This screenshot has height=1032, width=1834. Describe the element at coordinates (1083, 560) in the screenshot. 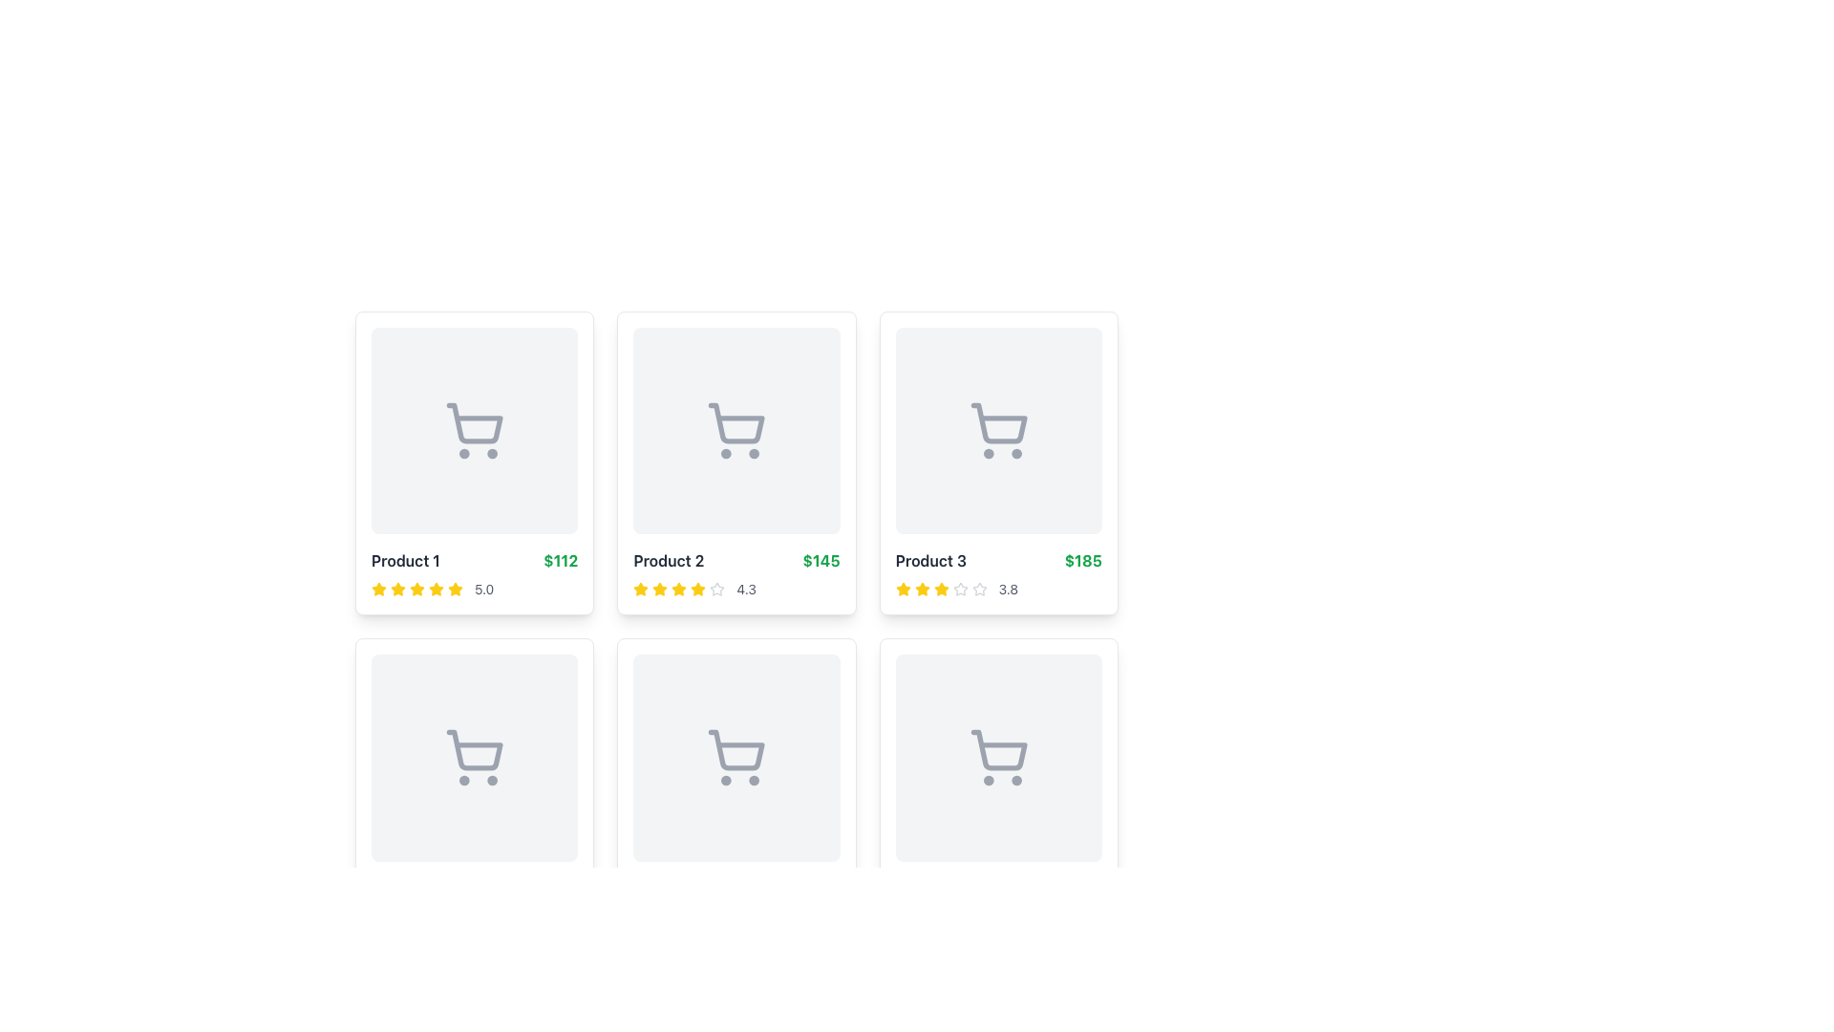

I see `the text label displaying the amount '$185', which is in bold green font and positioned to the right of the label 'Product 3'` at that location.